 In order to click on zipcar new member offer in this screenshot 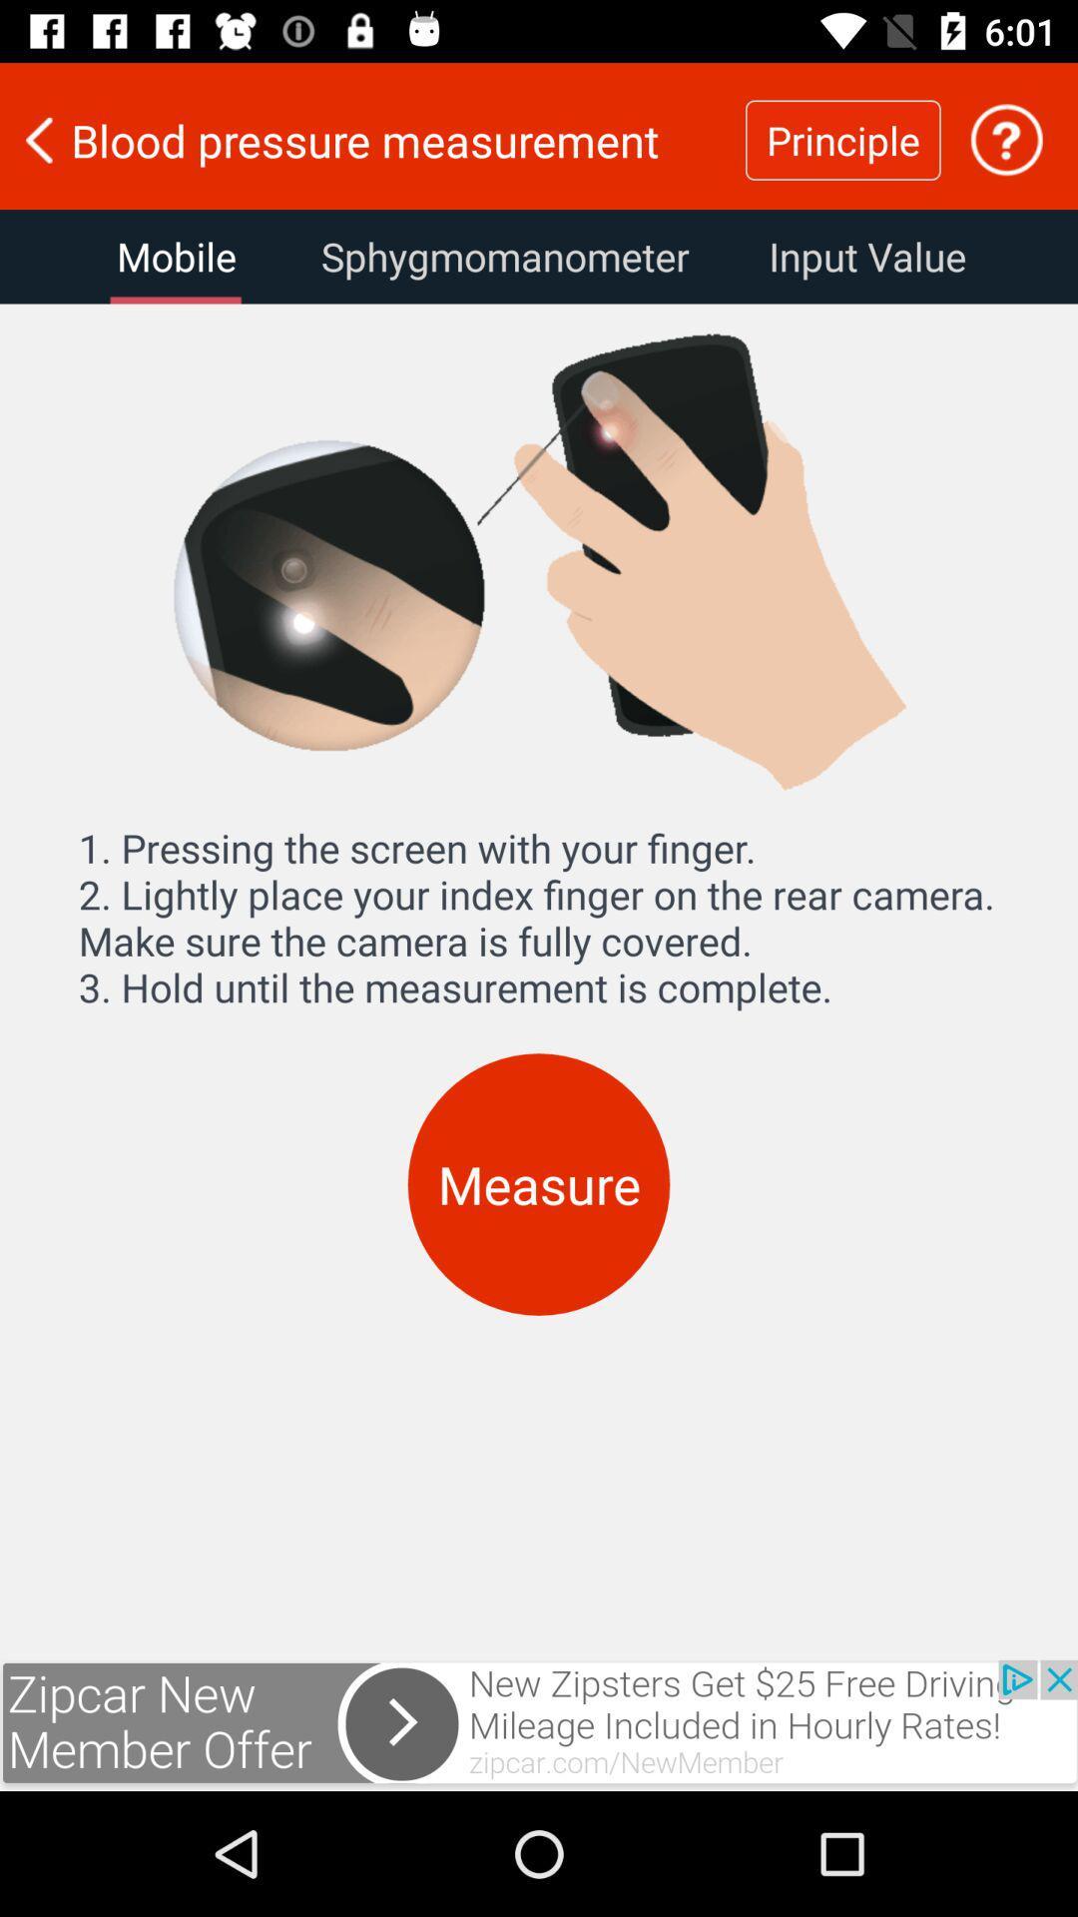, I will do `click(539, 1724)`.